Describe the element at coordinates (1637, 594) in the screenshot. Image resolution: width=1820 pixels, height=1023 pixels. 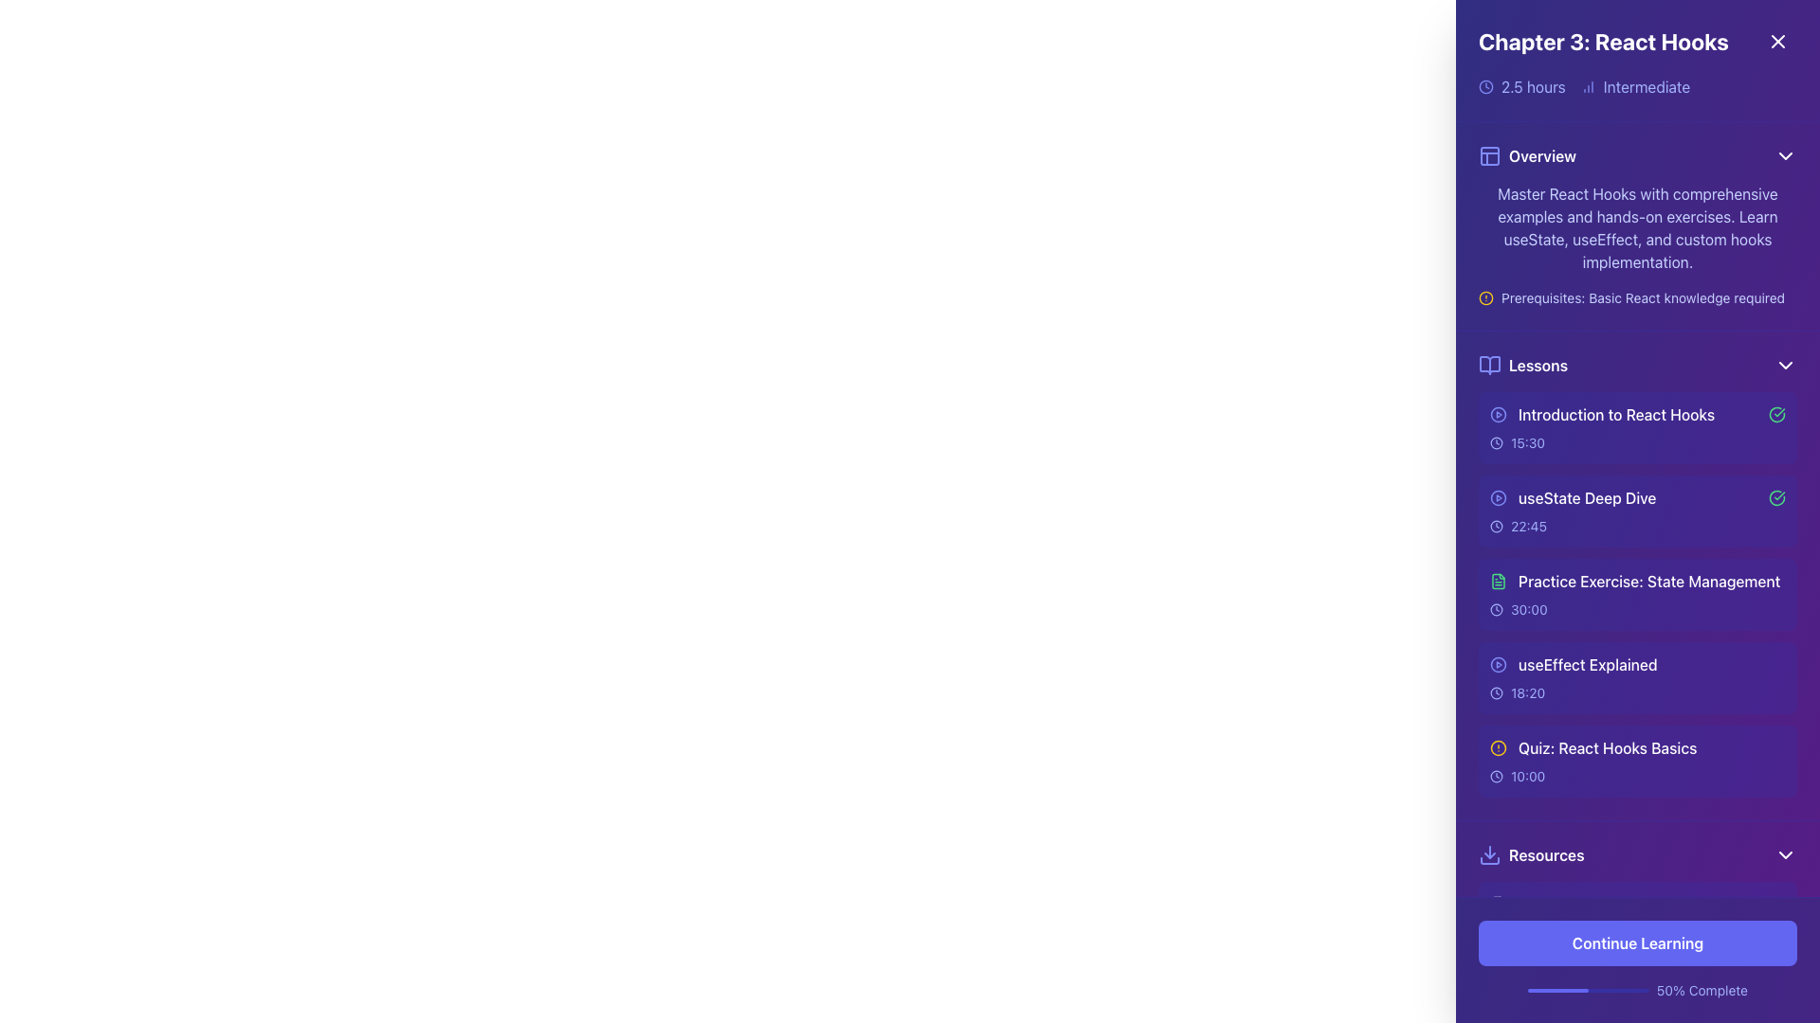
I see `the third lesson entry in the 'Lessons' section` at that location.